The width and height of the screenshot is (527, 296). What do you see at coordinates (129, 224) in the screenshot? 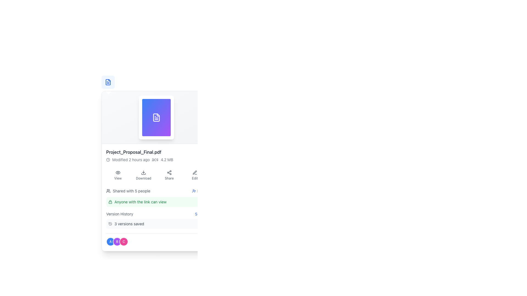
I see `the informational label indicating the number of versions saved, located in the 'Version History' section, to the right of the clock-like icon and above a clickable link or button` at bounding box center [129, 224].